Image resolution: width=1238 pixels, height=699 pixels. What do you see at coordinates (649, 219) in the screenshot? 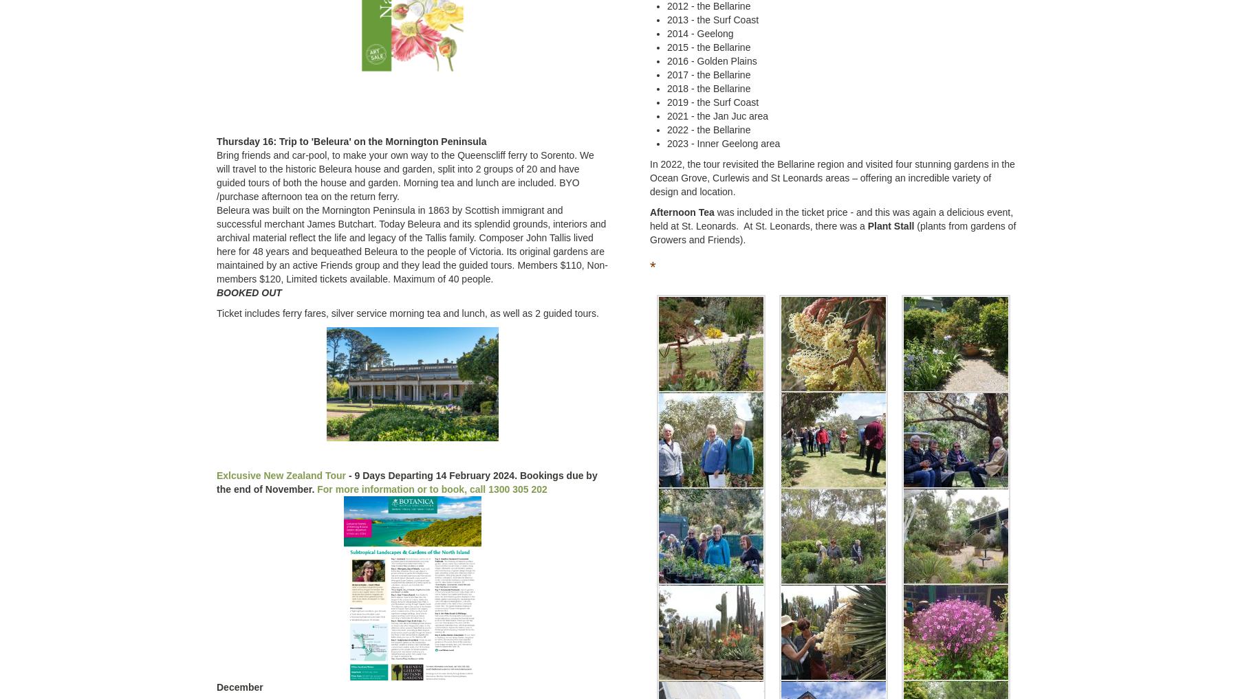
I see `'was included in the ticket price - and this was again a delicious event, held at St. Leonards.  At St. Leonards, there was a'` at bounding box center [649, 219].